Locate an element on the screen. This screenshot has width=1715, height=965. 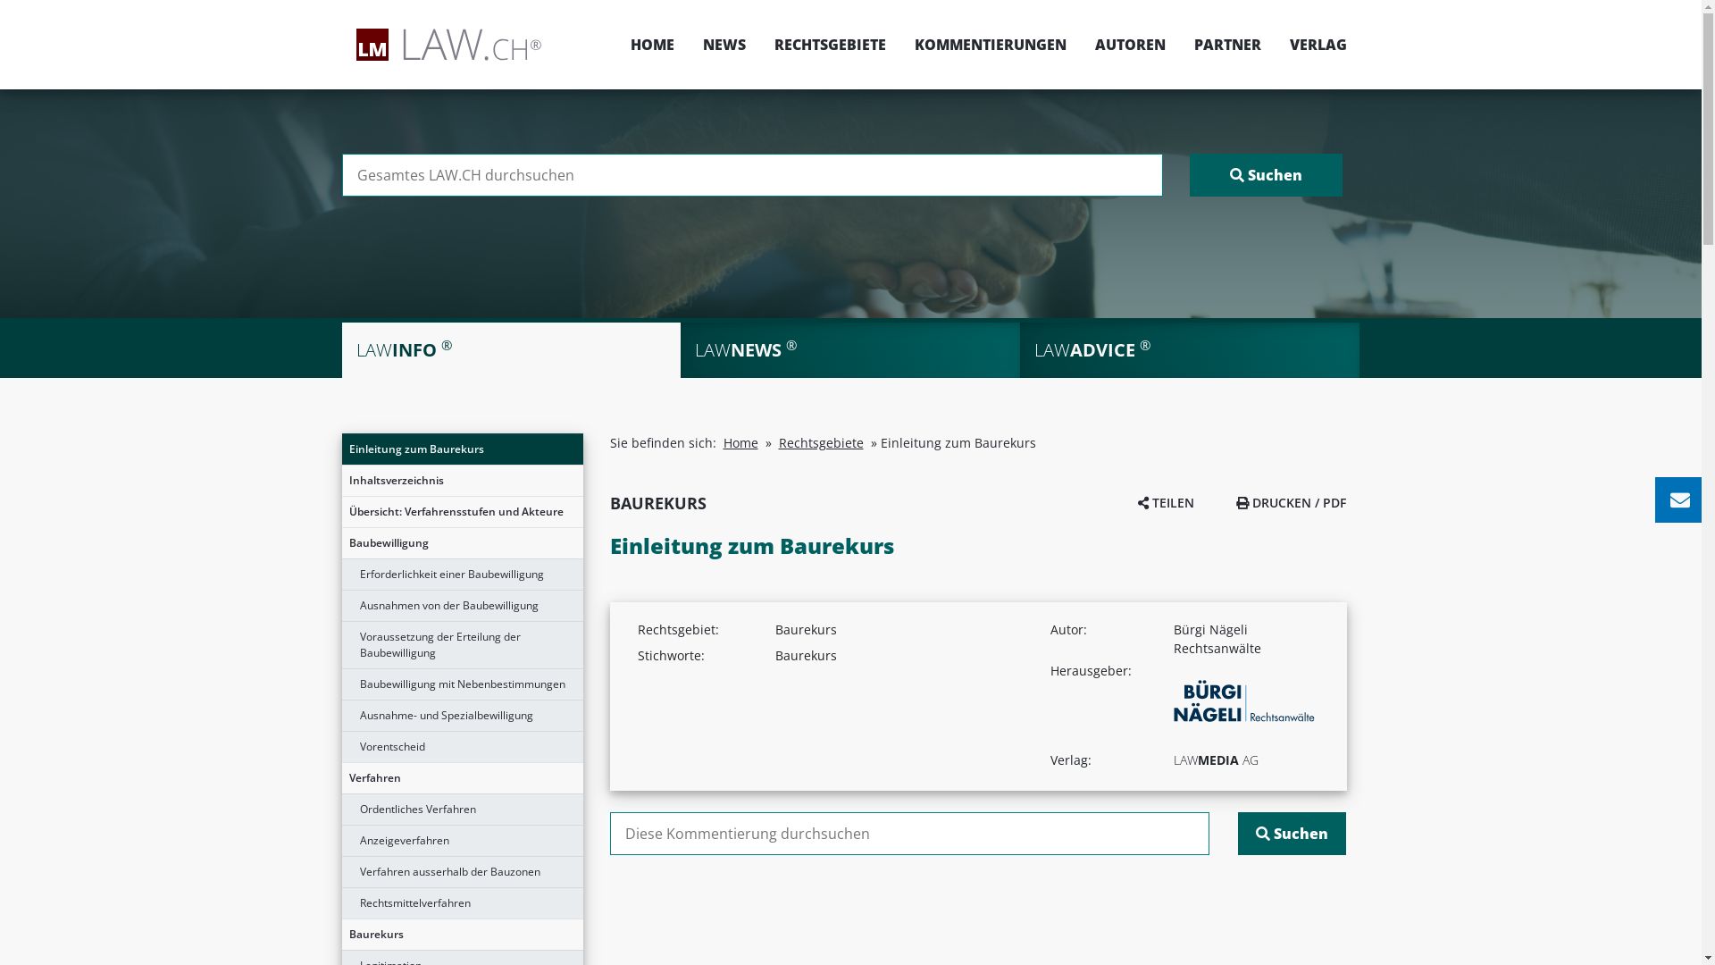
' TEILEN' is located at coordinates (1166, 502).